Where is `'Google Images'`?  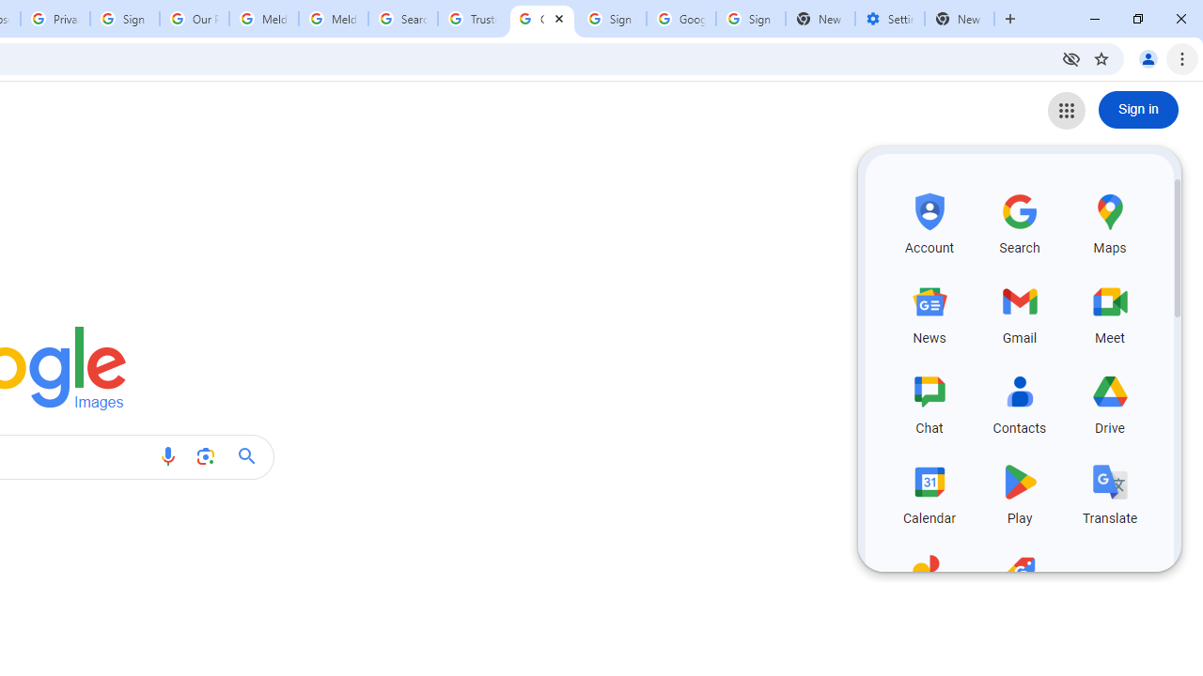 'Google Images' is located at coordinates (541, 19).